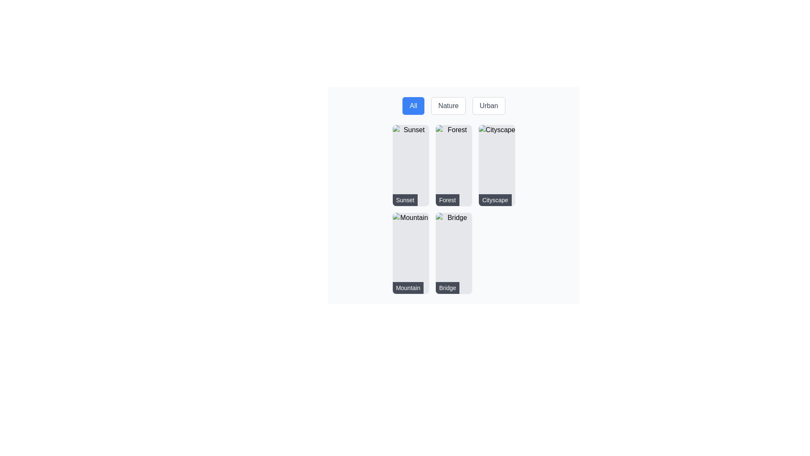 Image resolution: width=810 pixels, height=456 pixels. I want to click on the 'Sunset' selectable card located in the top-left corner of the grid within the 'All' tab, so click(410, 166).